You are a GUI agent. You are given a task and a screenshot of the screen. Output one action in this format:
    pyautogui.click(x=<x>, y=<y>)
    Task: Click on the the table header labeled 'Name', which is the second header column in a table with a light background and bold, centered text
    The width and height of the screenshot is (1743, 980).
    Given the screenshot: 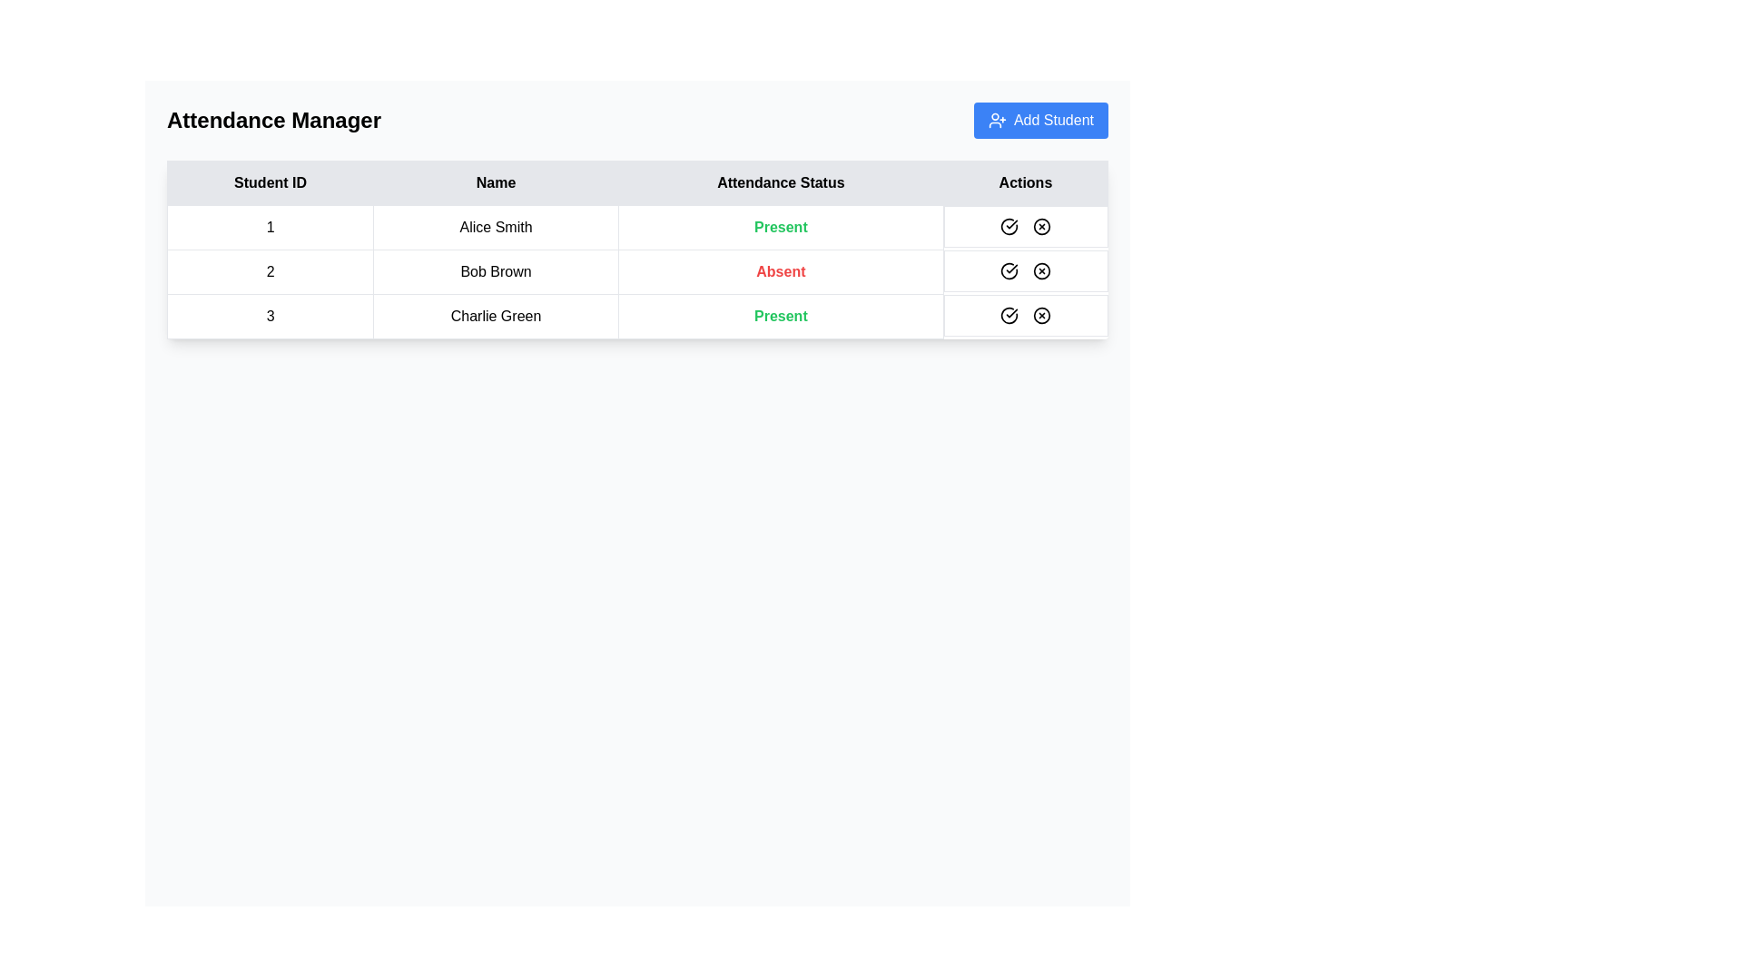 What is the action you would take?
    pyautogui.click(x=496, y=182)
    